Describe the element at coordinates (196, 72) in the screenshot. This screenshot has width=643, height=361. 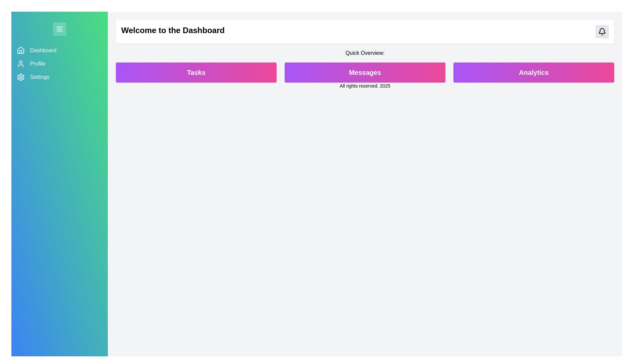
I see `the first button styled with a gradient from purple to pink, labeled 'Tasks', which is located beneath the 'Quick Overview' heading` at that location.